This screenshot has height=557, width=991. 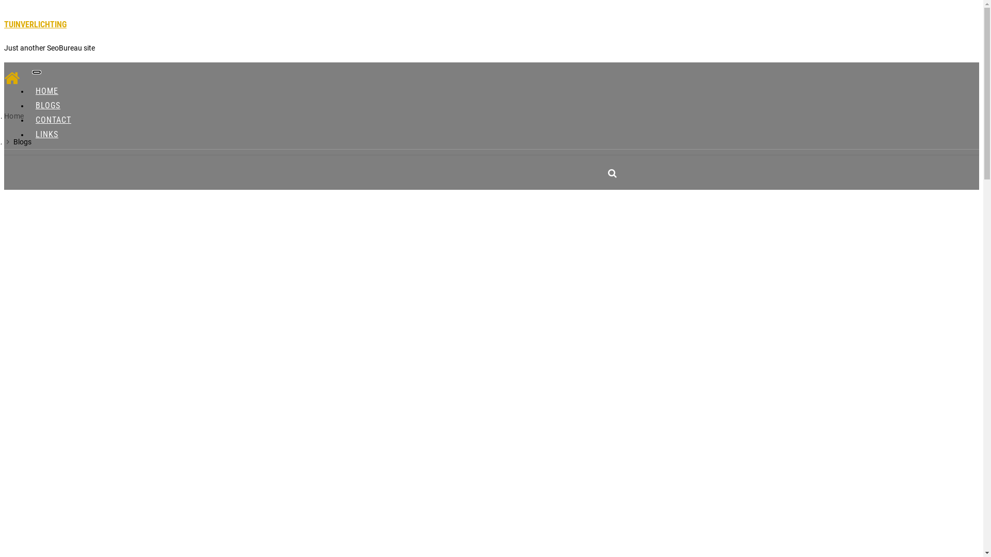 I want to click on 'search_icon', so click(x=601, y=172).